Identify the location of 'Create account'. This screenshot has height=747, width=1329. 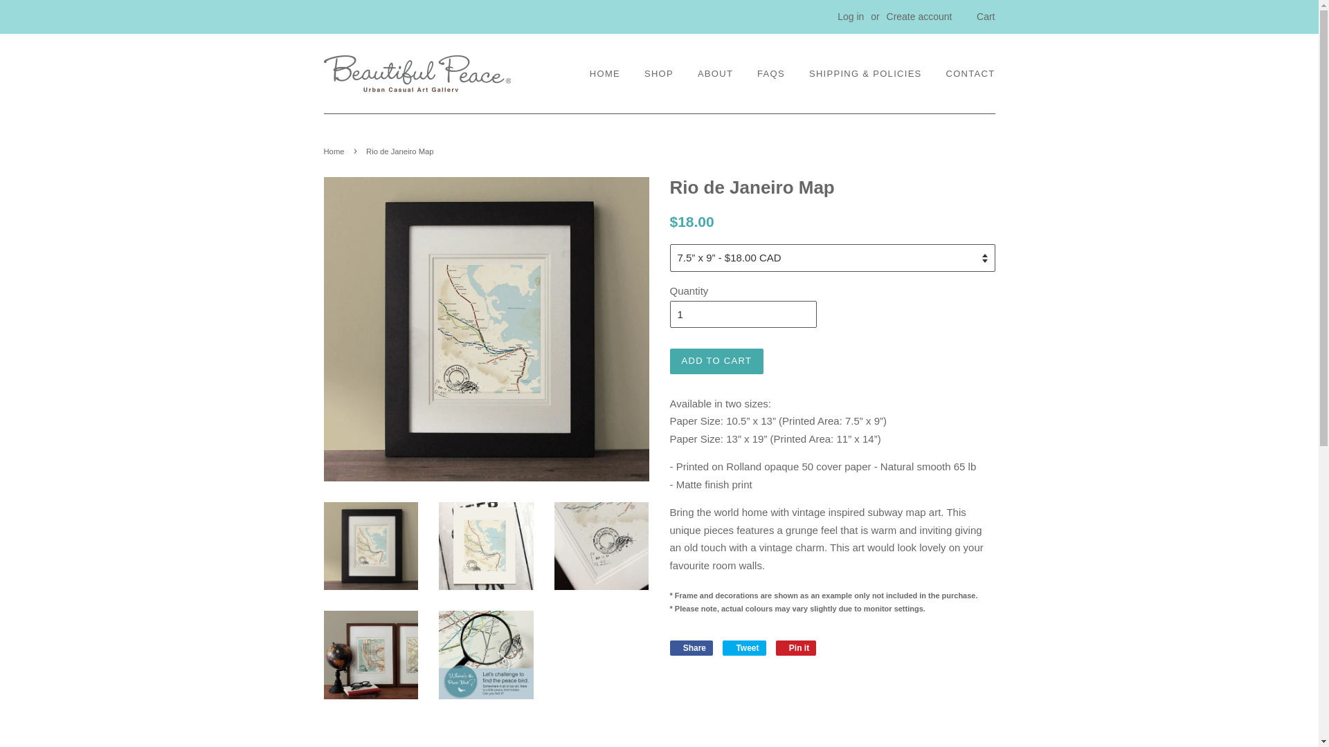
(919, 16).